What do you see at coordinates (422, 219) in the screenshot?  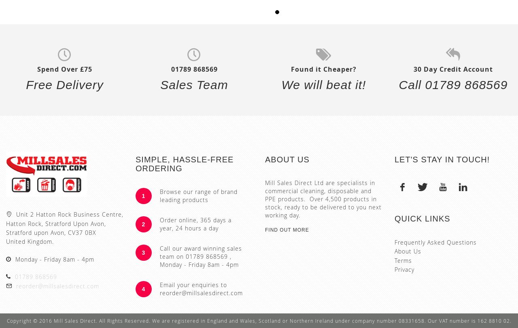 I see `'Quick Links'` at bounding box center [422, 219].